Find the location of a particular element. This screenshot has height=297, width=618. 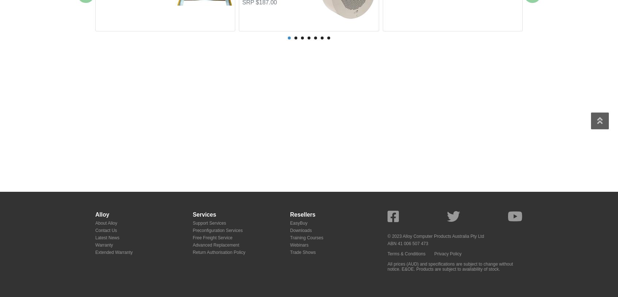

'EasyBuy' is located at coordinates (298, 222).